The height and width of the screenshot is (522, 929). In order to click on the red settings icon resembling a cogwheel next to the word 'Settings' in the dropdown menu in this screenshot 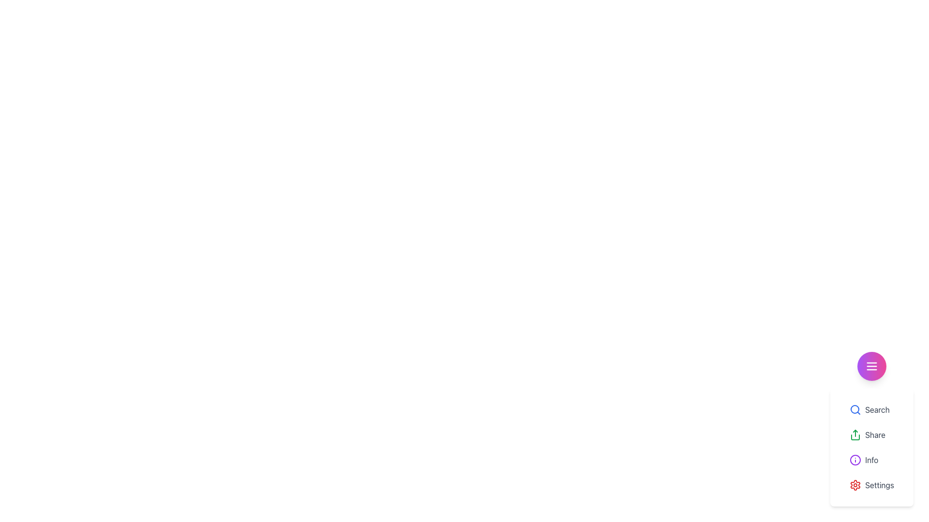, I will do `click(855, 485)`.